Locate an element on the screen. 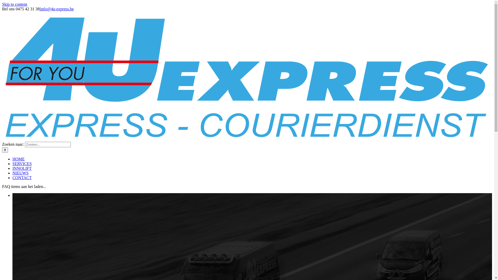 This screenshot has width=498, height=280. 'SERVICES' is located at coordinates (12, 164).